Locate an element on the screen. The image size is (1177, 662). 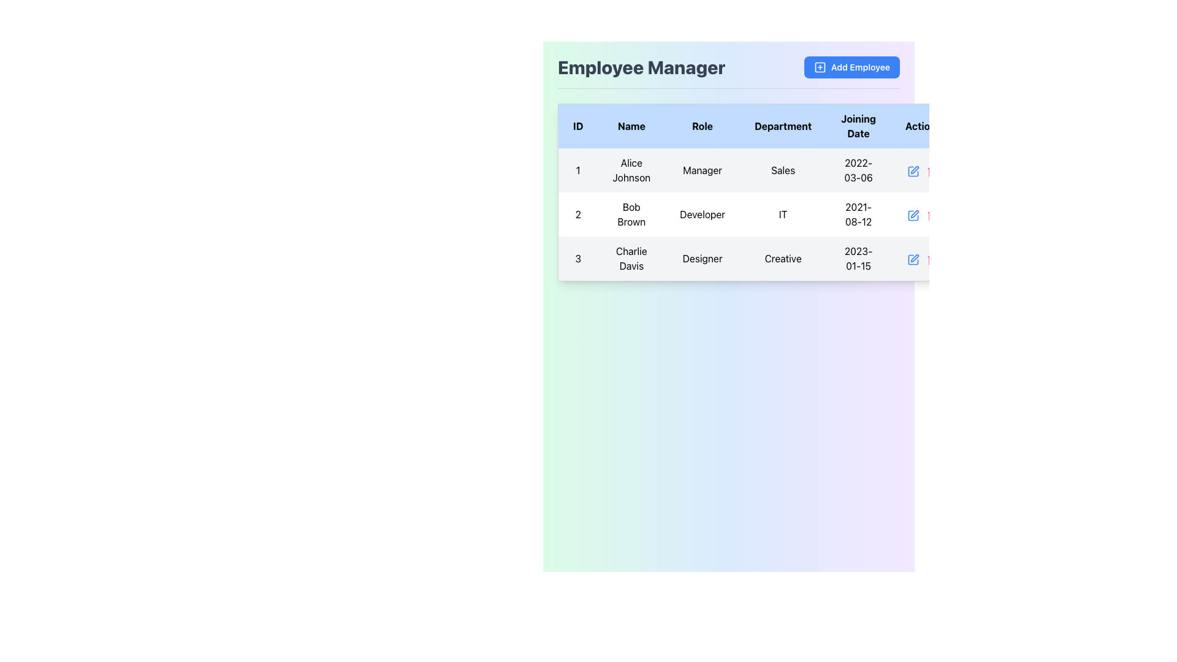
text from the 'Role' column header, which is the third column in the table located between the 'Name' and 'Department' columns is located at coordinates (703, 126).